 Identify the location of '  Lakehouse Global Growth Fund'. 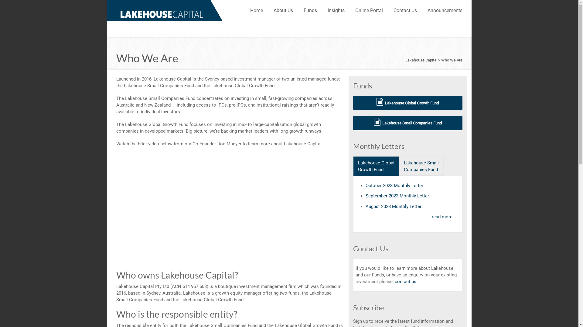
(353, 103).